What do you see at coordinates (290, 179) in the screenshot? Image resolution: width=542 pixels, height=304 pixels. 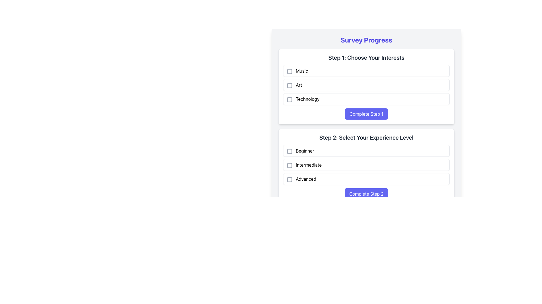 I see `the checkbox located to the left of the text 'Advanced' in the 'Step 2: Select Your Experience Level' section` at bounding box center [290, 179].